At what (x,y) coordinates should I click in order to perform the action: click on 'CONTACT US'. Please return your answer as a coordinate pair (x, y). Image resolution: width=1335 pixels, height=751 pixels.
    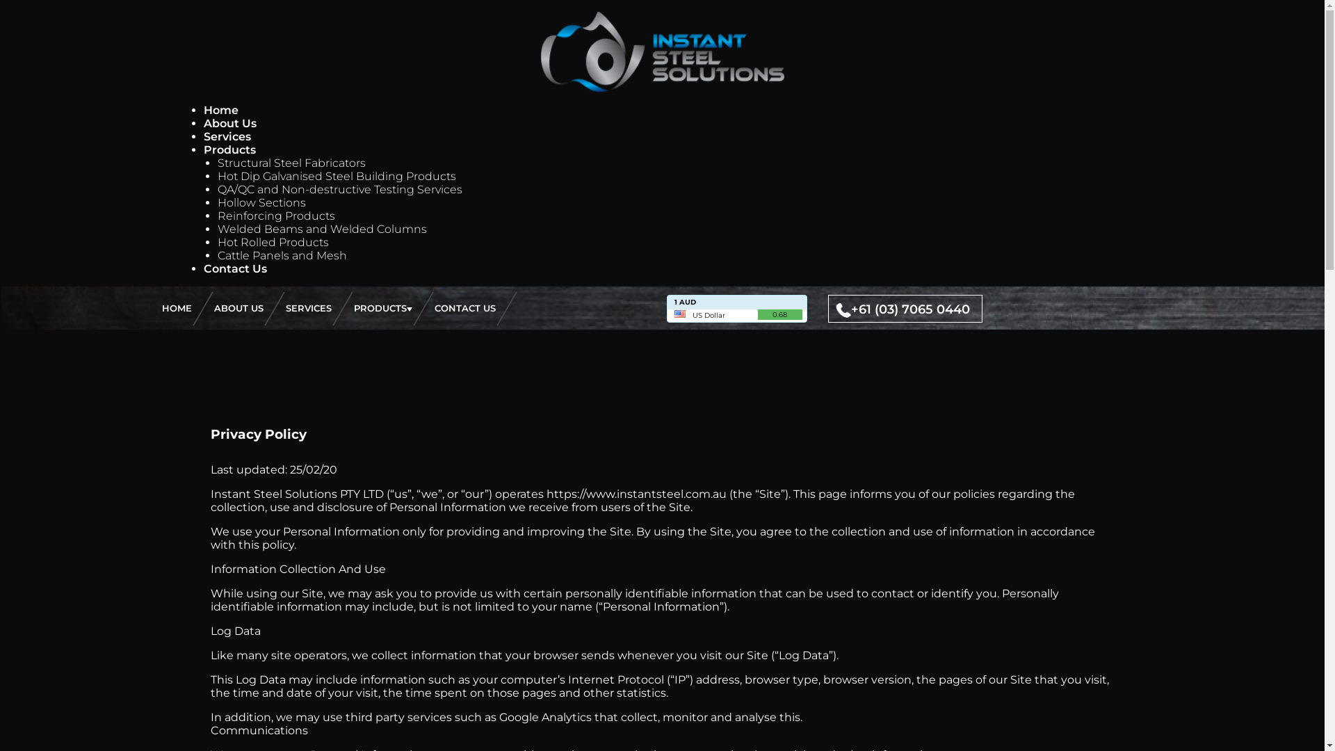
    Looking at the image, I should click on (464, 307).